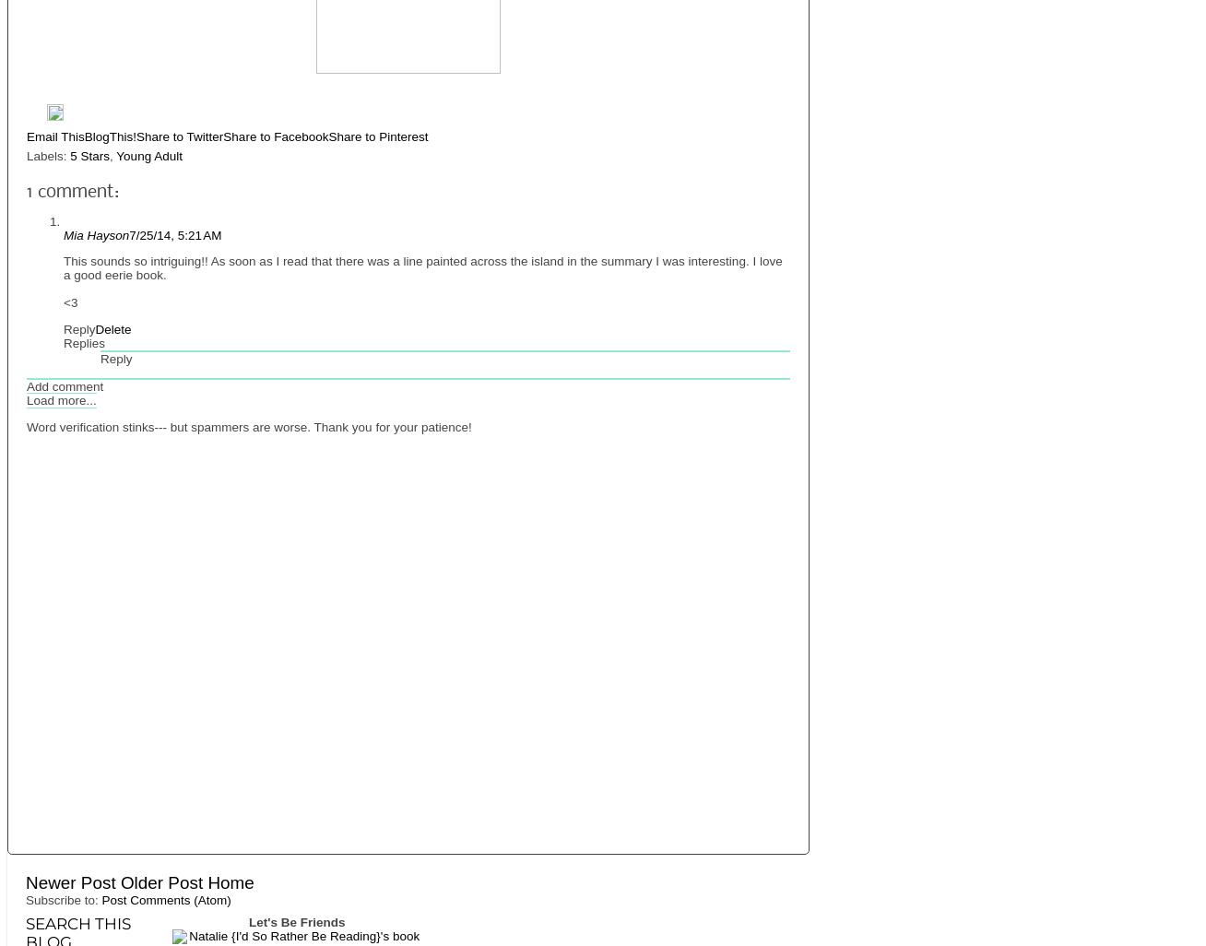 This screenshot has height=946, width=1206. Describe the element at coordinates (328, 136) in the screenshot. I see `'Share to Pinterest'` at that location.